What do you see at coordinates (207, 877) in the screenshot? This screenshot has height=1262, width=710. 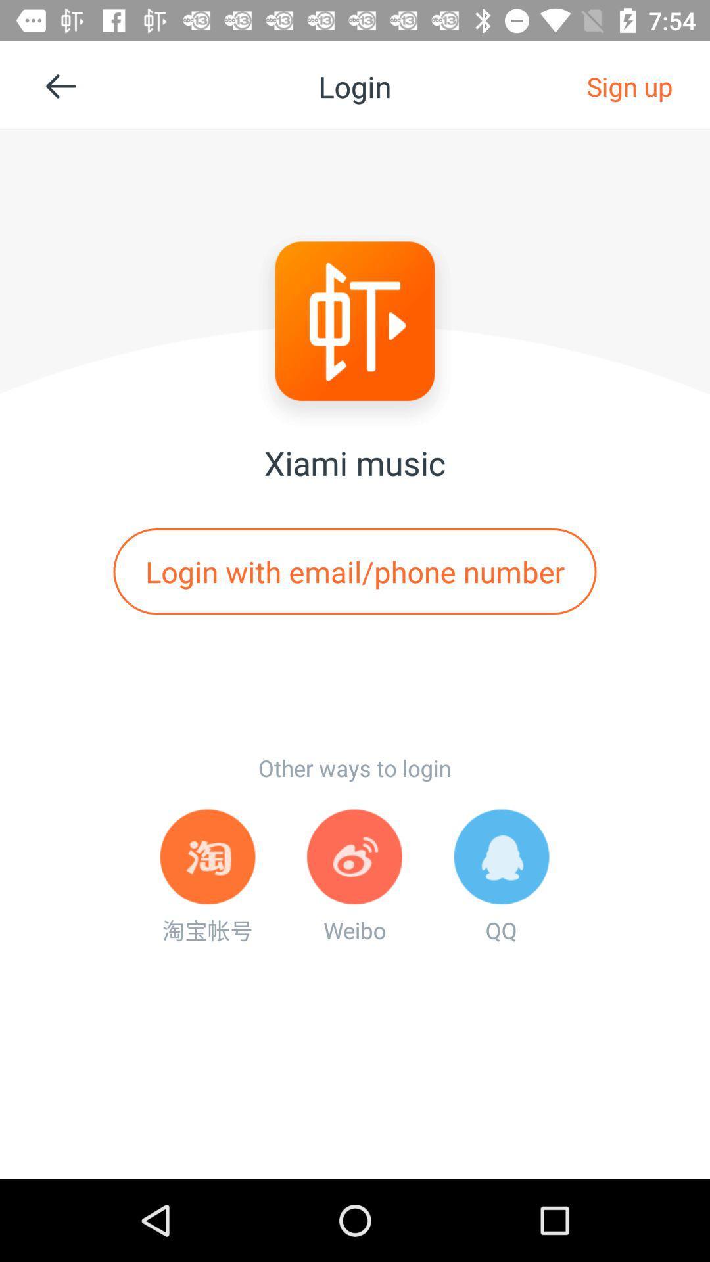 I see `item to the left of weibo icon` at bounding box center [207, 877].